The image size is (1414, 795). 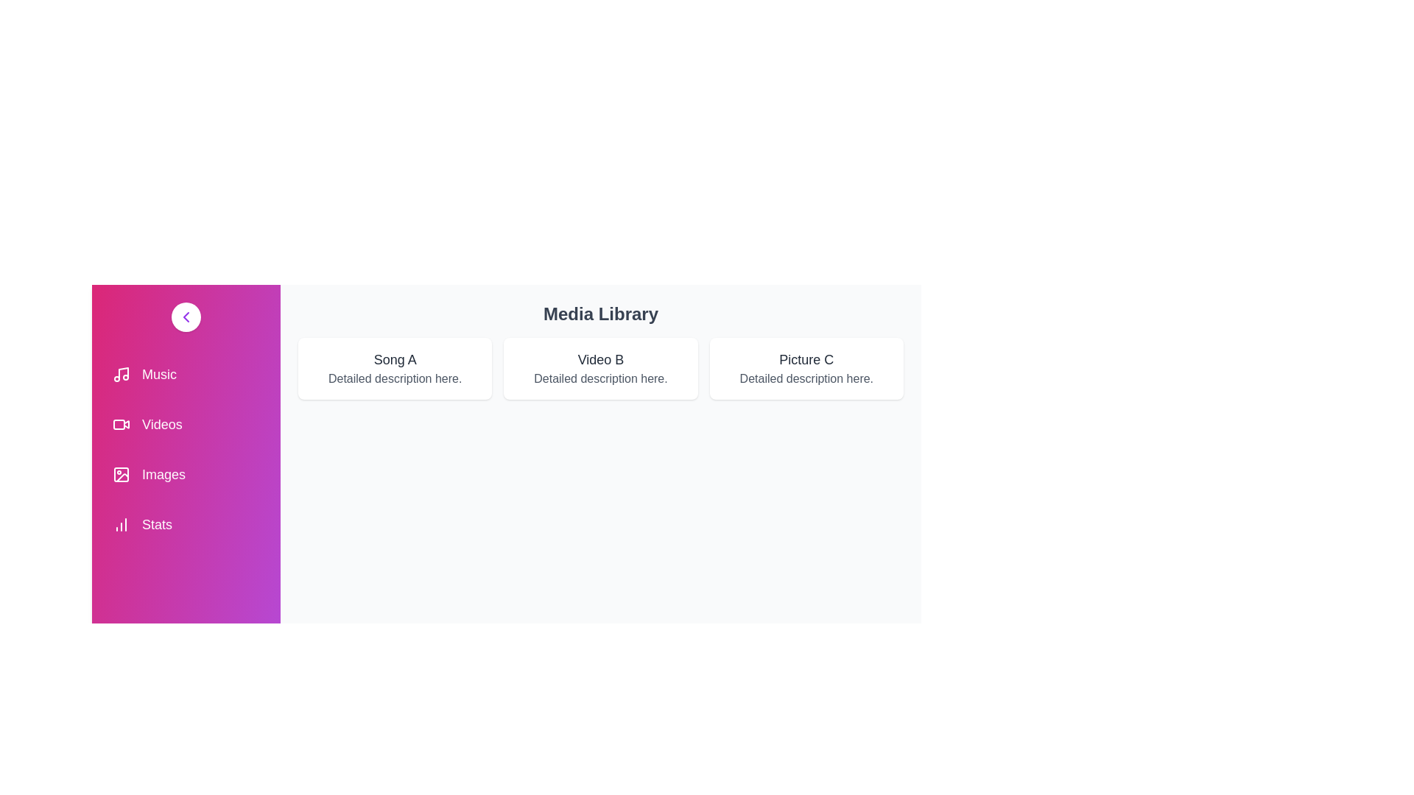 What do you see at coordinates (186, 374) in the screenshot?
I see `the menu item Music to select it` at bounding box center [186, 374].